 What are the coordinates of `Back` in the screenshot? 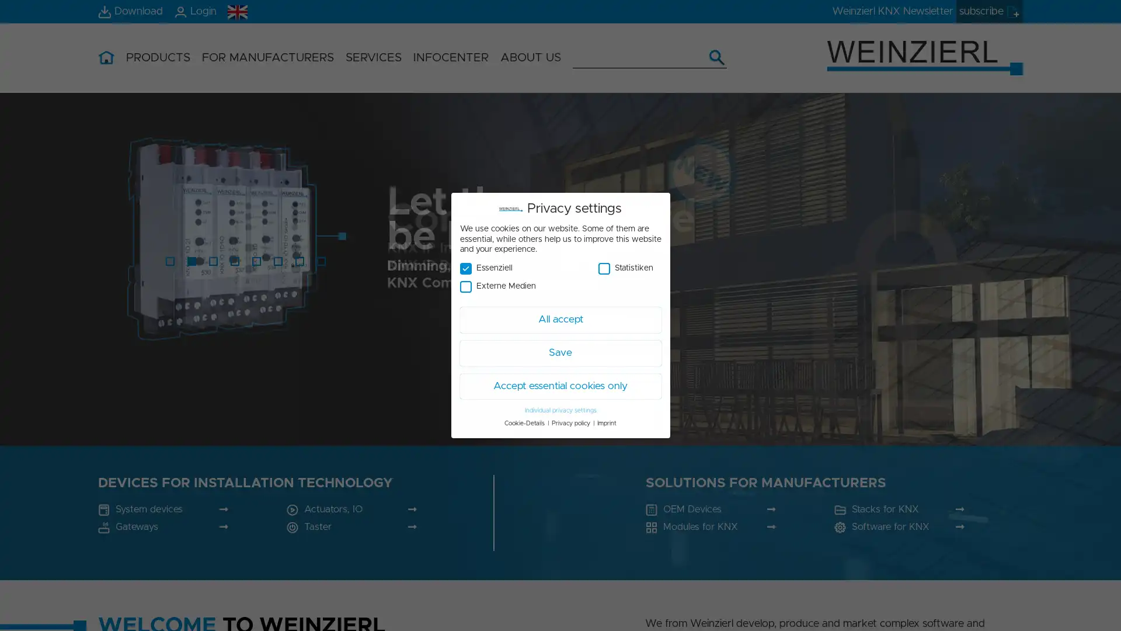 It's located at (647, 519).